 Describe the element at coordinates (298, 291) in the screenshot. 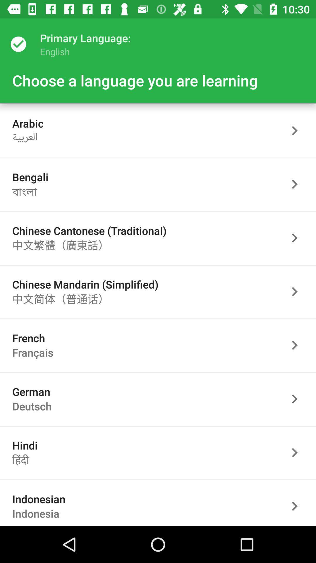

I see `open link` at that location.